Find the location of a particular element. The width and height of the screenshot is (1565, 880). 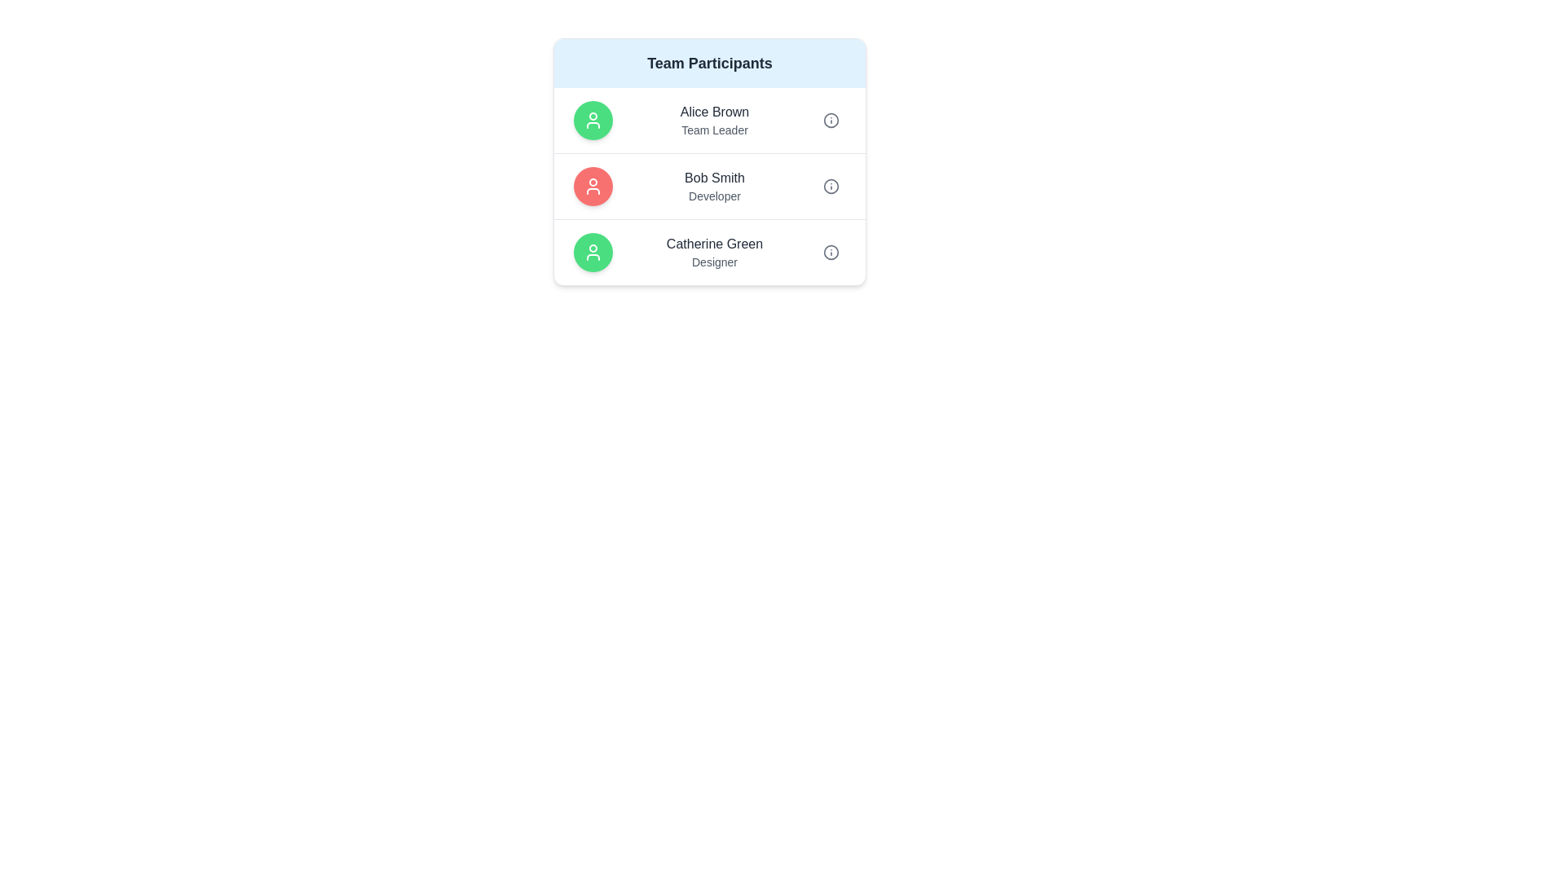

the Text Label Element representing 'Bob Smith' who is a 'Developer' in the 'Team Participants' list is located at coordinates (715, 185).